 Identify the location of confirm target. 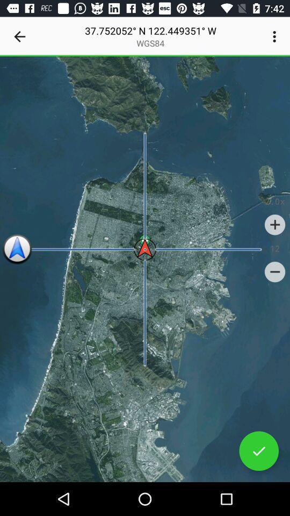
(258, 451).